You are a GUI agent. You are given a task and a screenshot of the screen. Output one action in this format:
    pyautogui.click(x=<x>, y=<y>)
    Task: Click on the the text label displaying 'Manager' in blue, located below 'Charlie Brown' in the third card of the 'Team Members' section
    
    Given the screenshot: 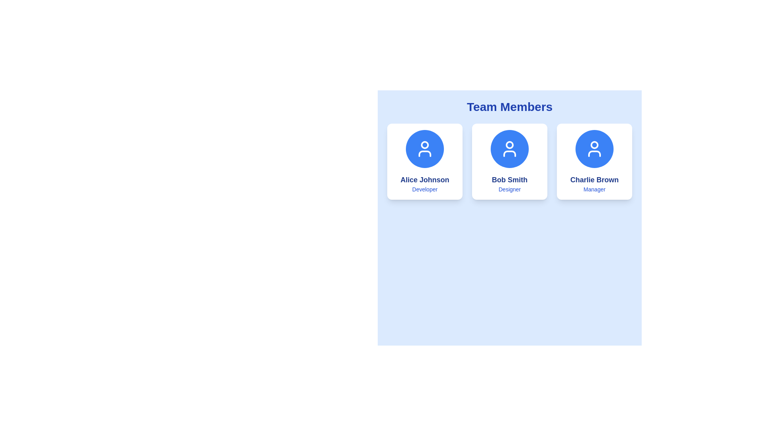 What is the action you would take?
    pyautogui.click(x=594, y=189)
    